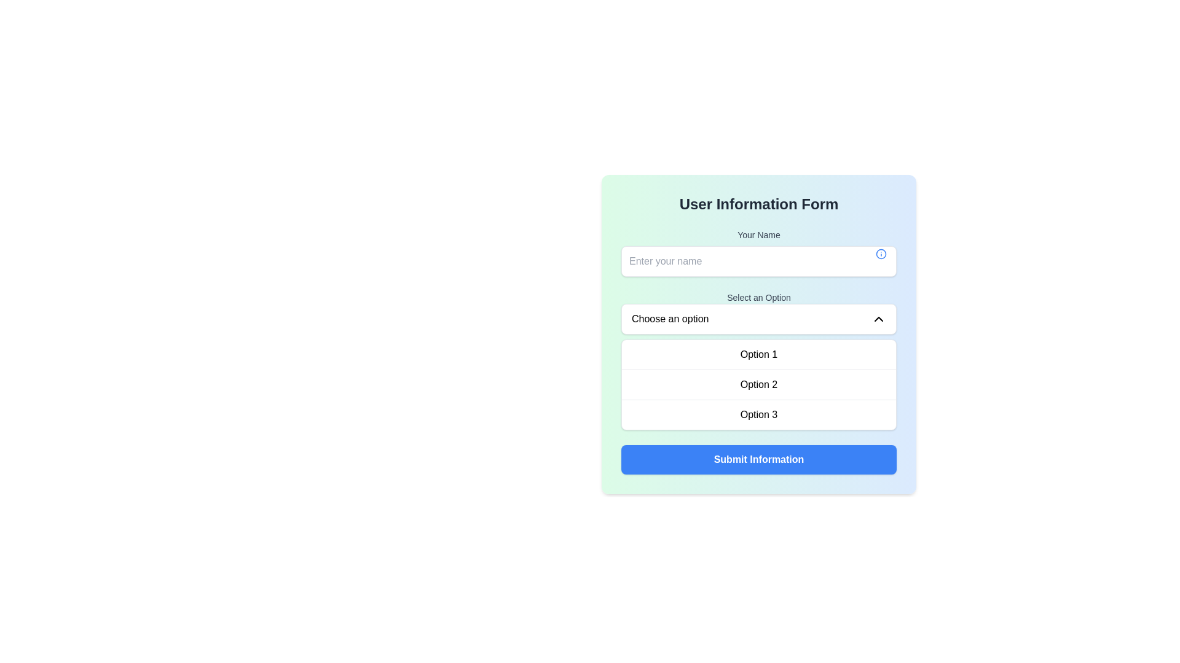  Describe the element at coordinates (881, 253) in the screenshot. I see `the decorative SVG circle element that is part of the information icon located near the top right corner of the 'User Information Form', specifically in the 'Your Name' input section` at that location.